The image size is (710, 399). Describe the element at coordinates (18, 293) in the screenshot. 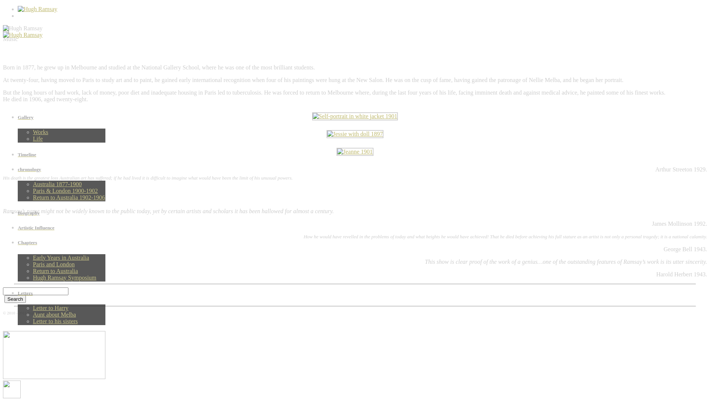

I see `'Letters'` at that location.